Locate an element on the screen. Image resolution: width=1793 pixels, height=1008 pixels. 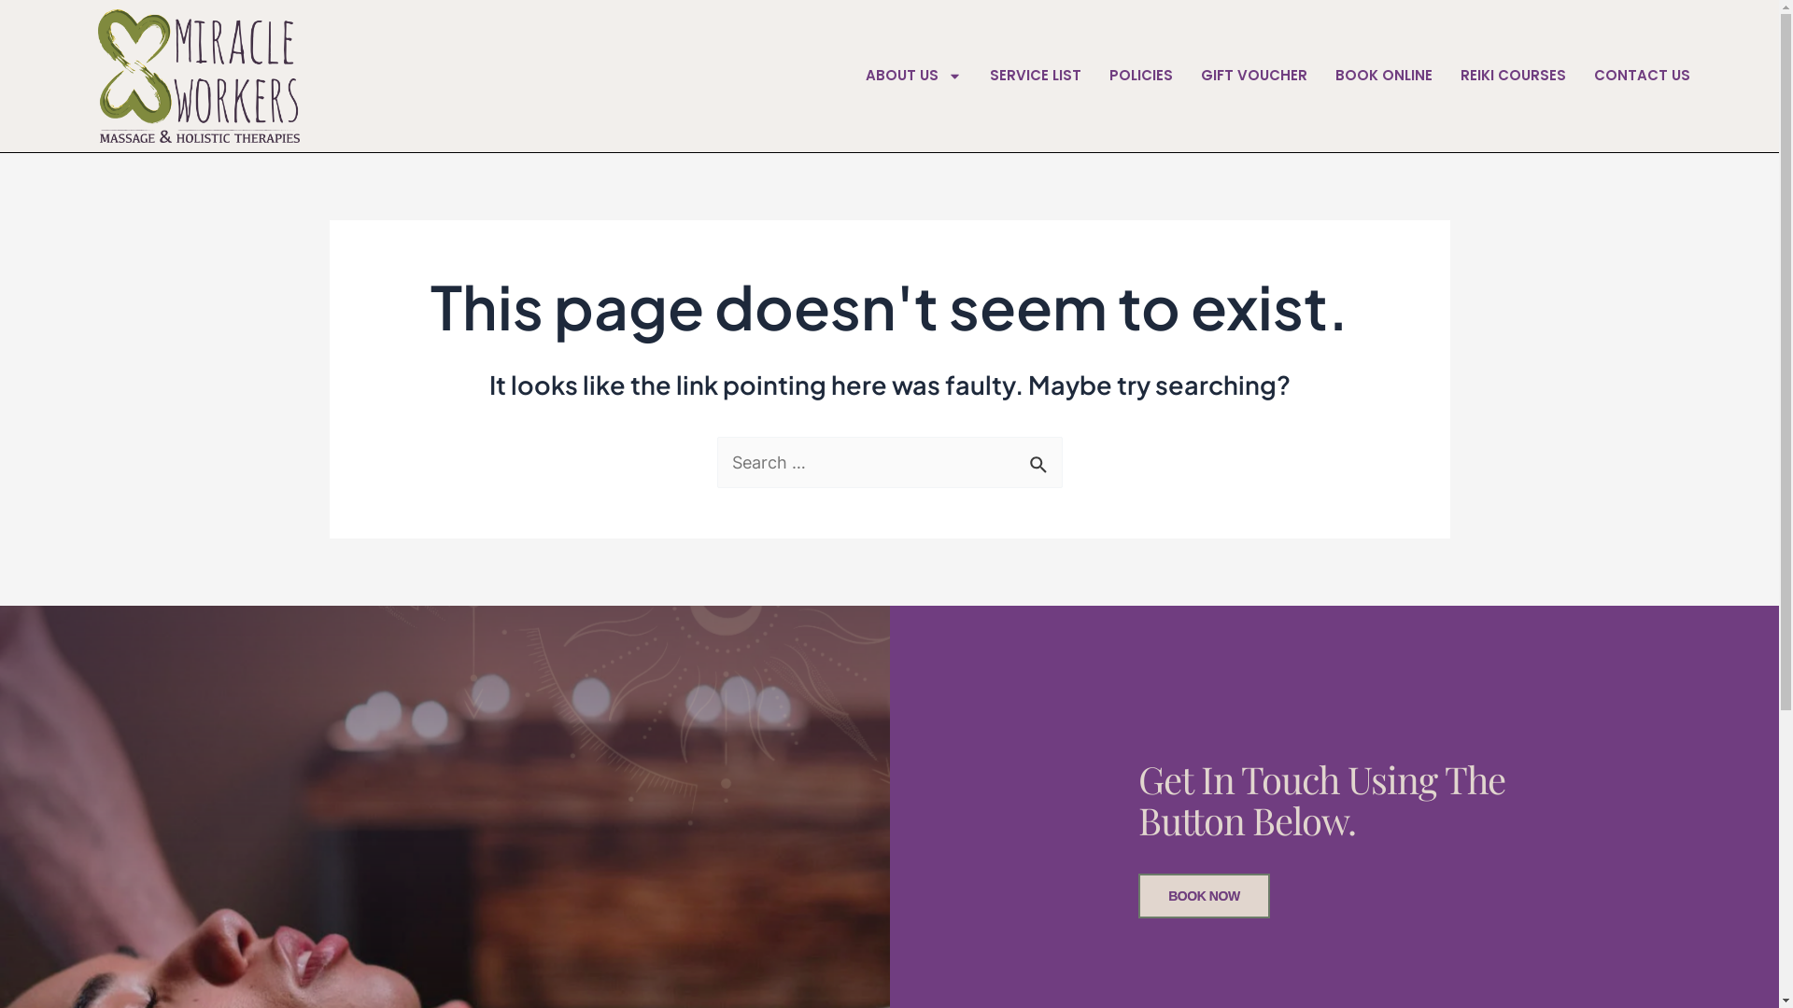
'BOOK NOW' is located at coordinates (1204, 895).